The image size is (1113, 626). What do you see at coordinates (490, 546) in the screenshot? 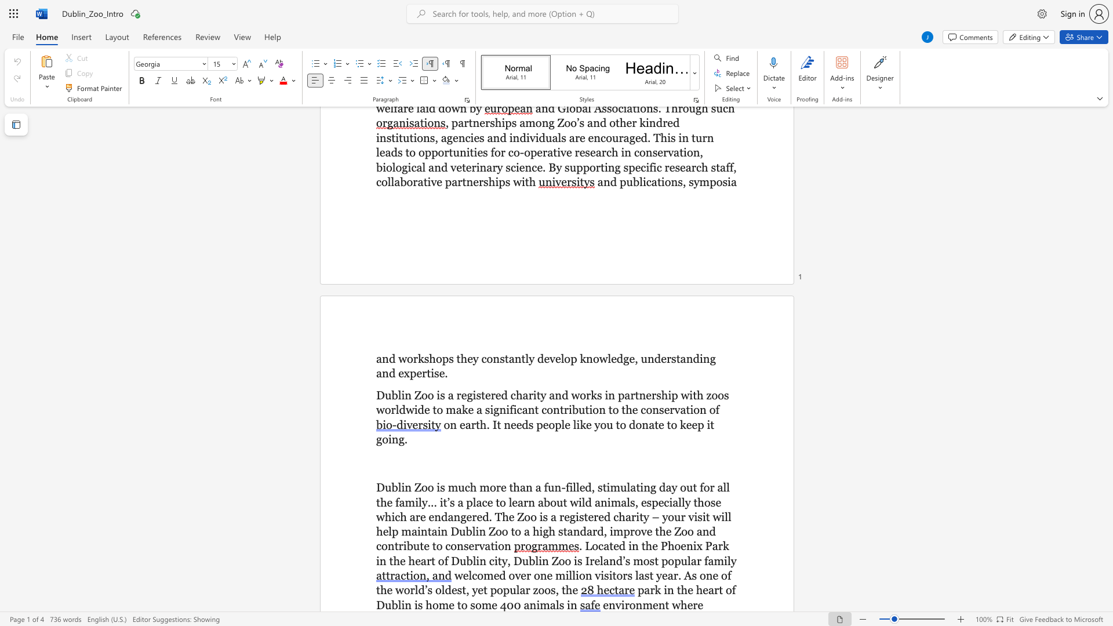
I see `the subset text "tio" within the text "Dublin Zoo to a high standard, improve the Zoo and contribute to conservation"` at bounding box center [490, 546].